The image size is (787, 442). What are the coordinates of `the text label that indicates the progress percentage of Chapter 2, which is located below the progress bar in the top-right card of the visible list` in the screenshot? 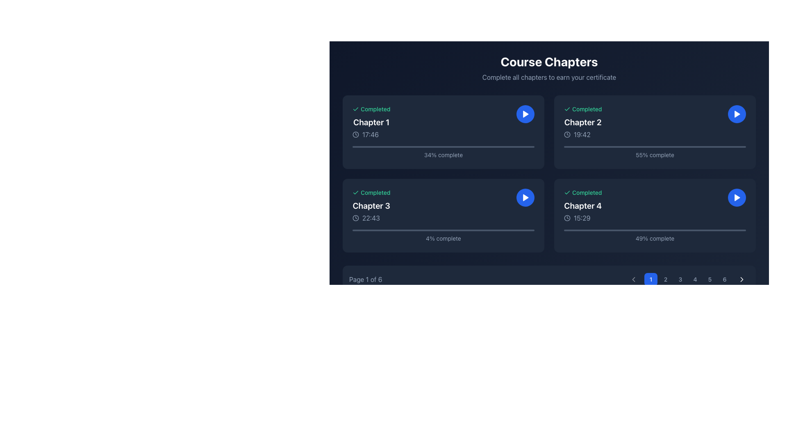 It's located at (655, 153).